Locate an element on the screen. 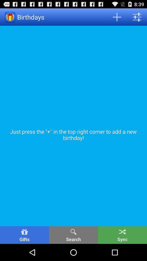 This screenshot has height=261, width=147. the item next to the sync button is located at coordinates (73, 235).